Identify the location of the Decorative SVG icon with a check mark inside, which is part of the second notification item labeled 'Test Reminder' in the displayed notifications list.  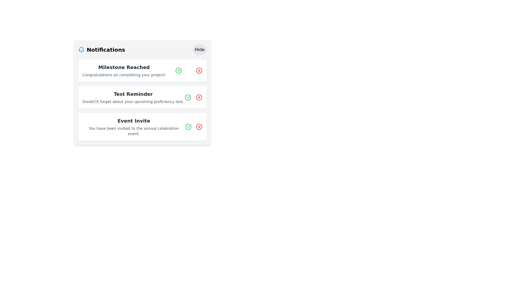
(179, 70).